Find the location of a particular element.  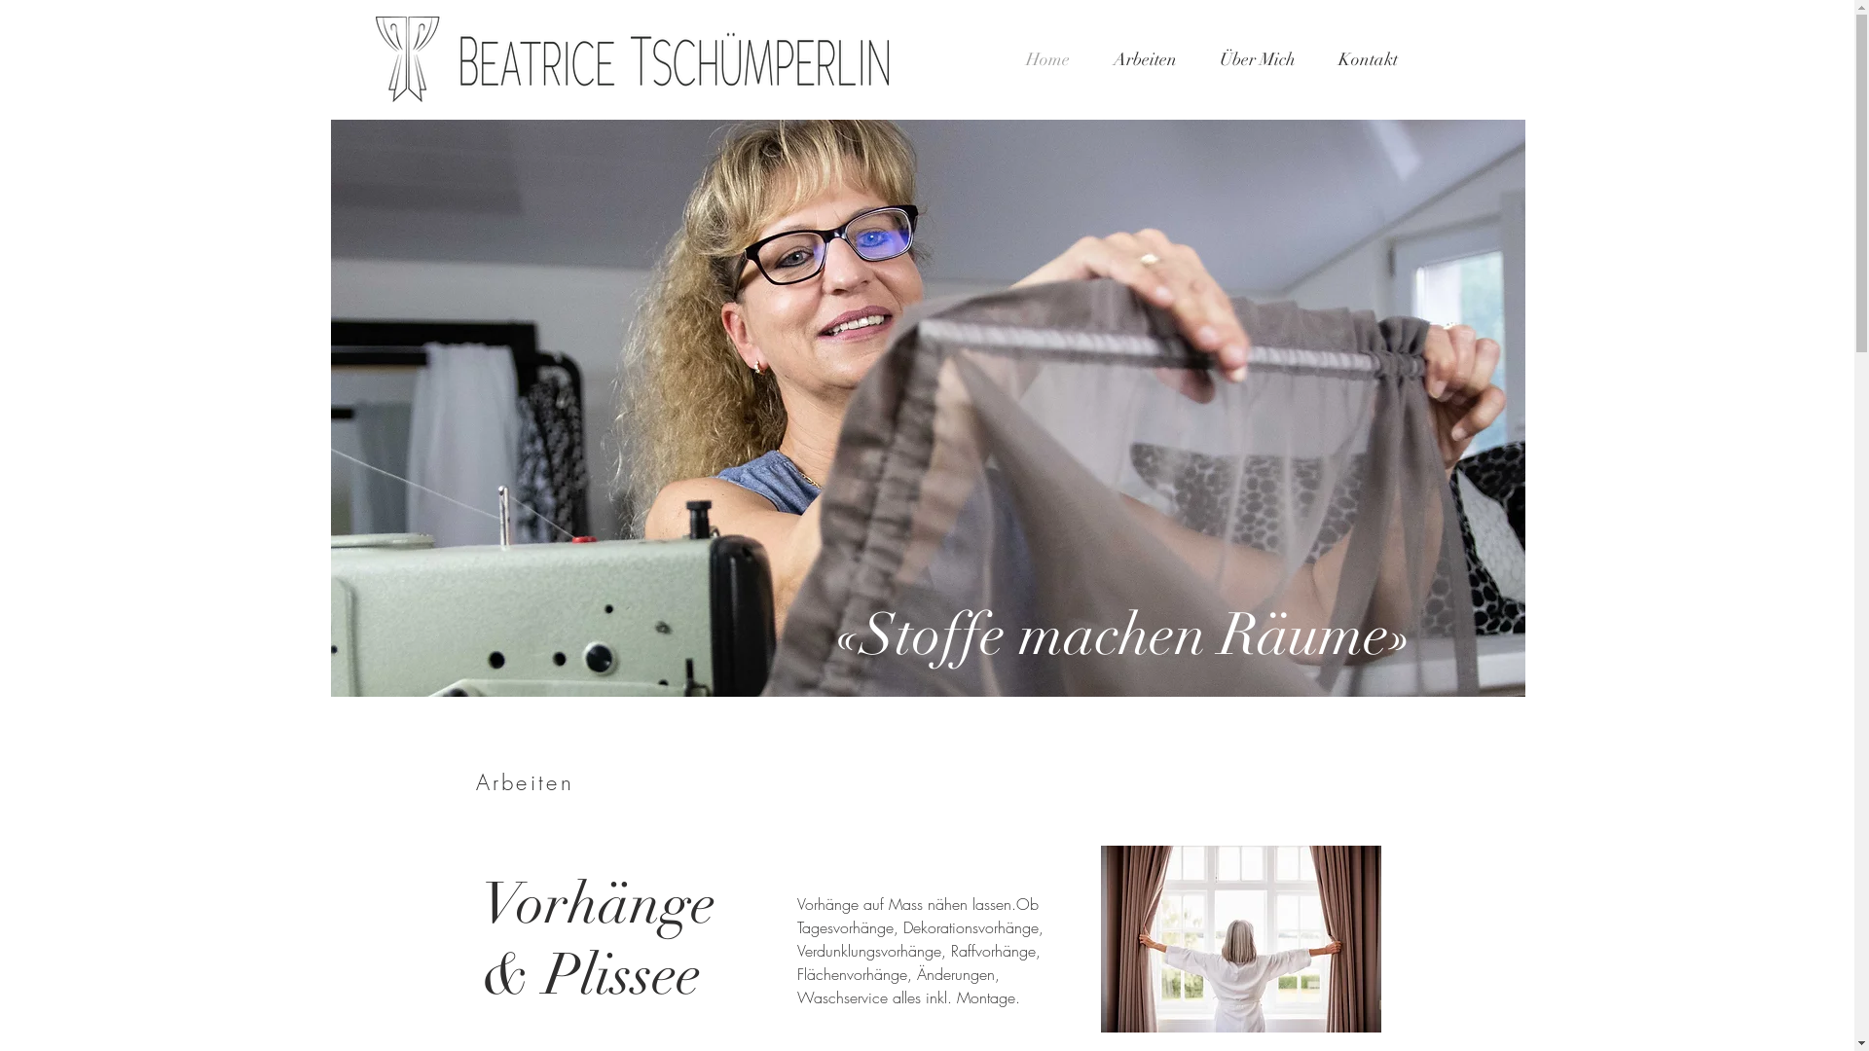

'Kontakt' is located at coordinates (1366, 58).